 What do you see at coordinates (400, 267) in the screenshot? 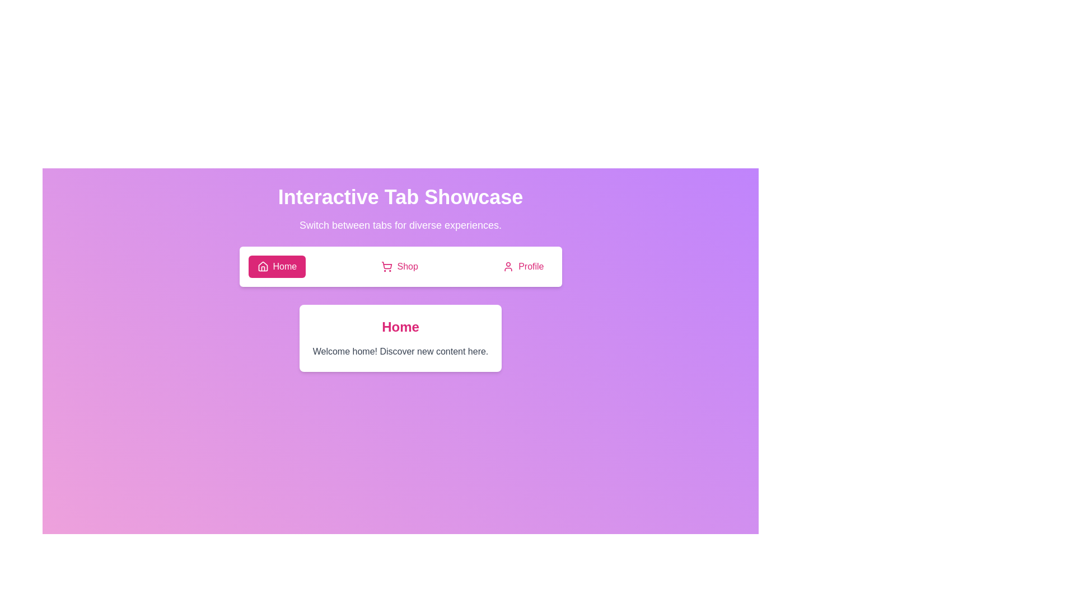
I see `the Shop tab to display its description` at bounding box center [400, 267].